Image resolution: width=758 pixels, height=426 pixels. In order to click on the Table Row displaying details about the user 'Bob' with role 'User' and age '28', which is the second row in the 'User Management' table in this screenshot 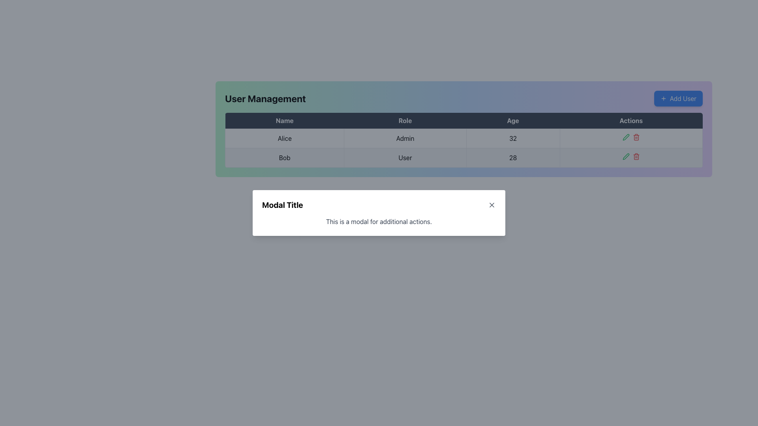, I will do `click(464, 158)`.